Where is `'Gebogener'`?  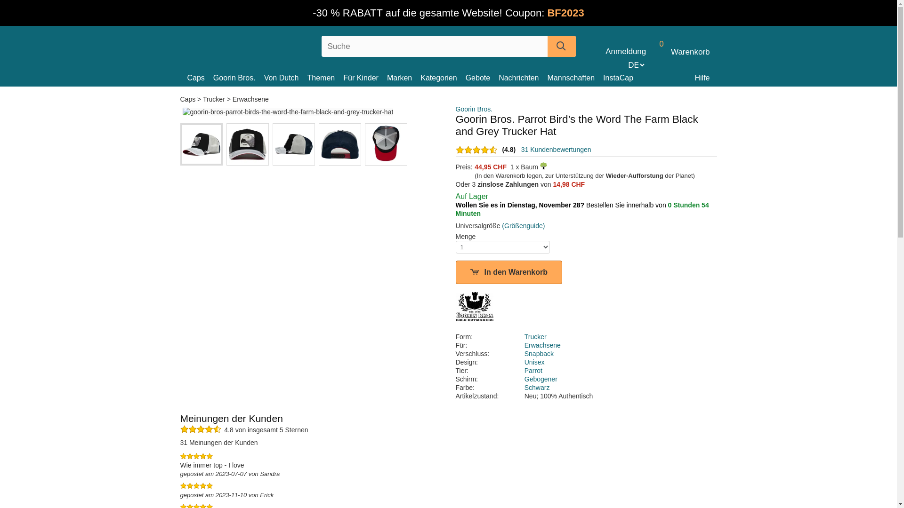 'Gebogener' is located at coordinates (541, 379).